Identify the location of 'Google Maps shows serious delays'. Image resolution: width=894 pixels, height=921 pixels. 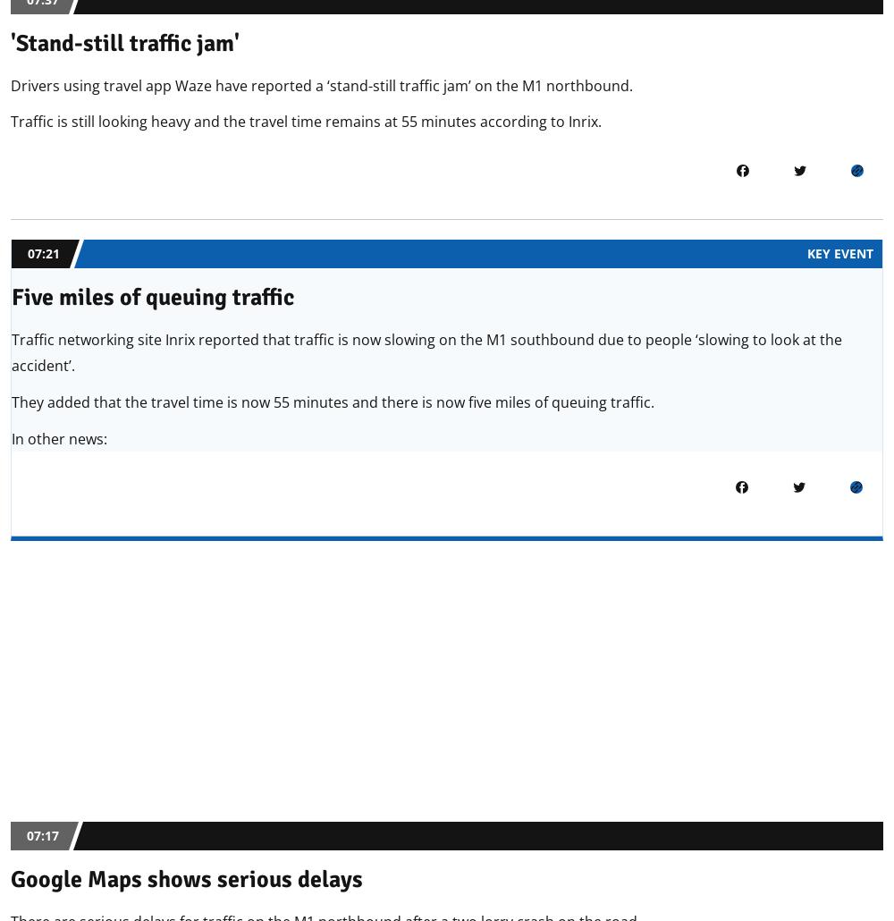
(186, 878).